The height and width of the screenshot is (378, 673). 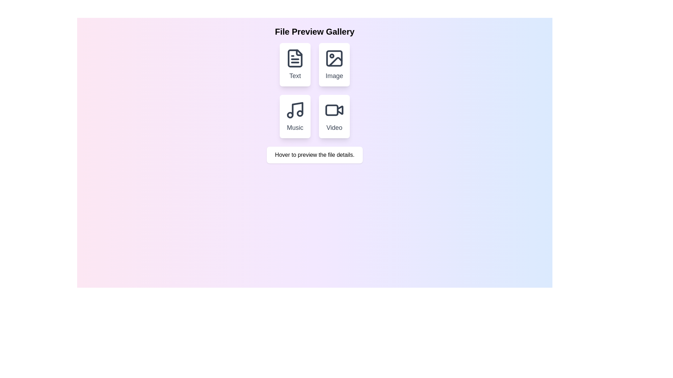 I want to click on the Interactive Card in the 'File Preview Gallery' that features a document icon and bold 'Text' for additional details, so click(x=295, y=65).